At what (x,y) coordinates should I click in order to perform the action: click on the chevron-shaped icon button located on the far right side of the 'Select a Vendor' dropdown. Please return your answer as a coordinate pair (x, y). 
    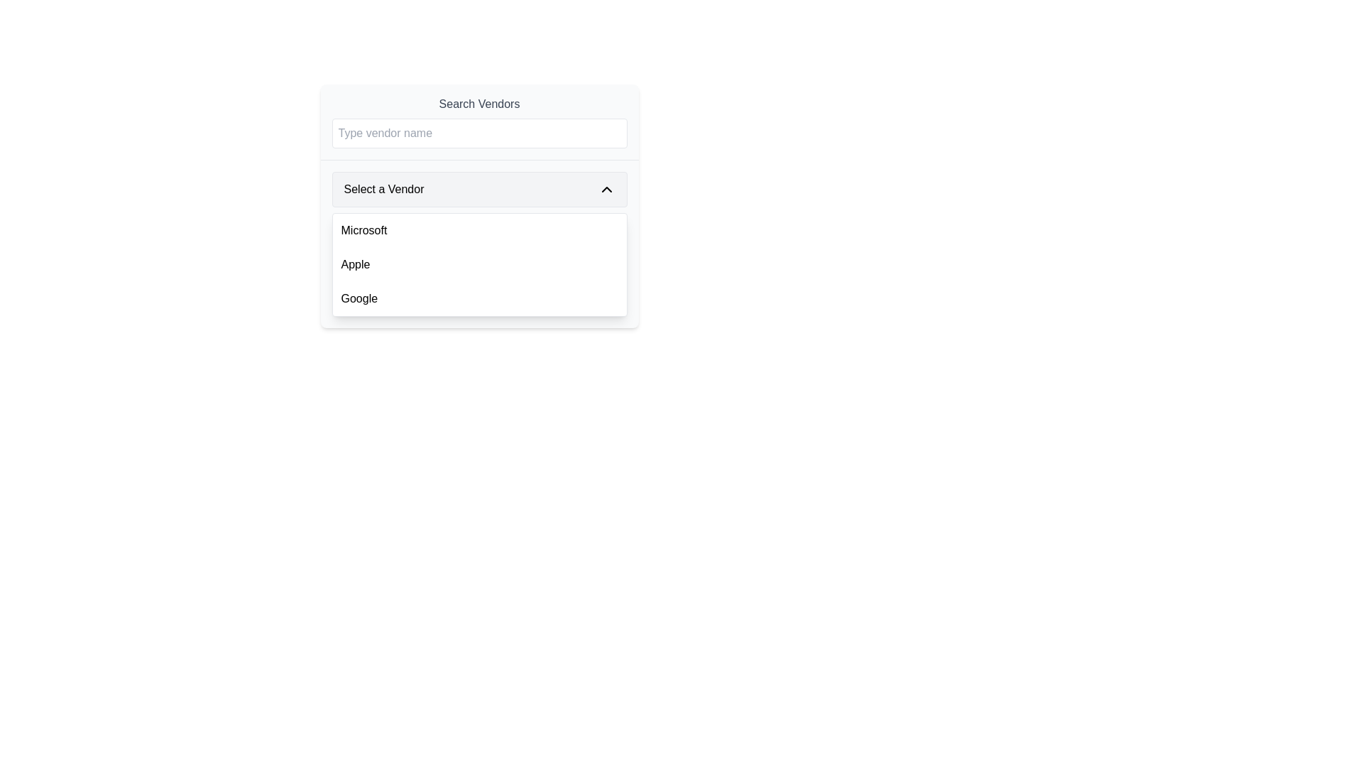
    Looking at the image, I should click on (606, 188).